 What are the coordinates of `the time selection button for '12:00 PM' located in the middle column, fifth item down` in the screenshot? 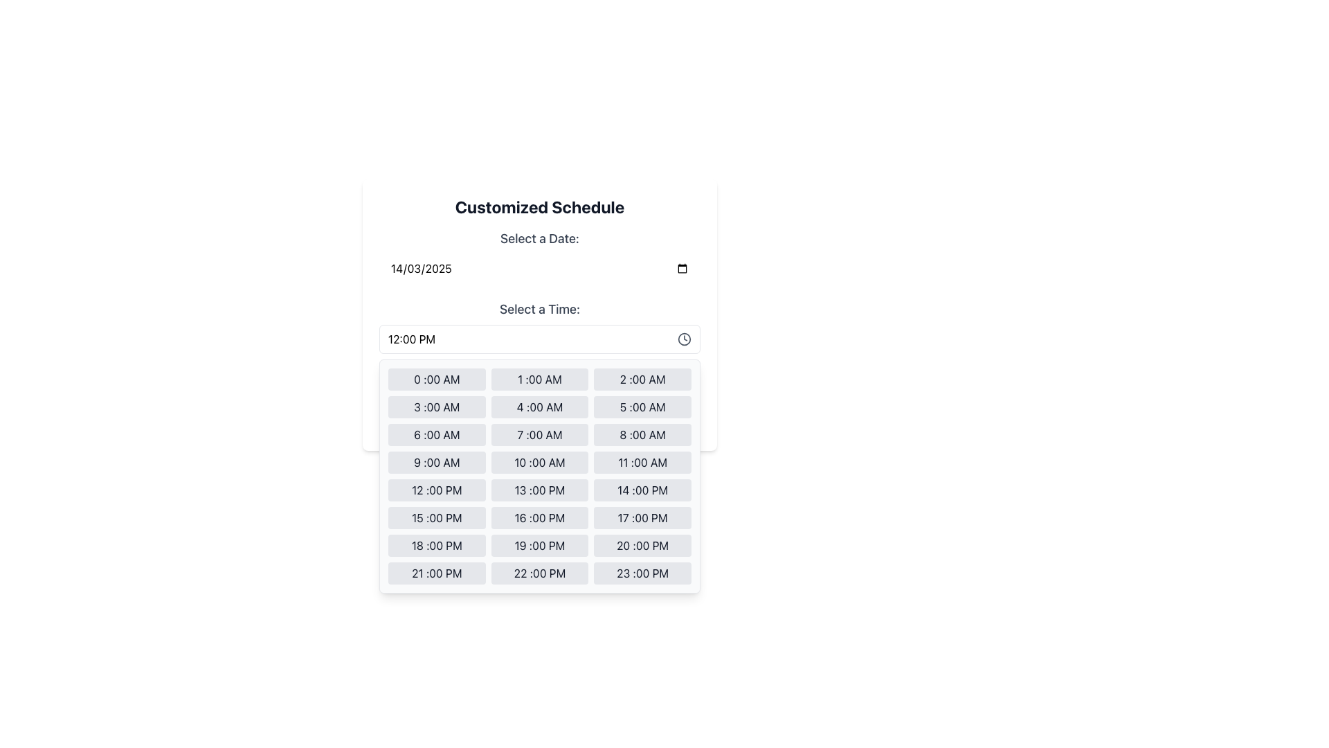 It's located at (435, 490).